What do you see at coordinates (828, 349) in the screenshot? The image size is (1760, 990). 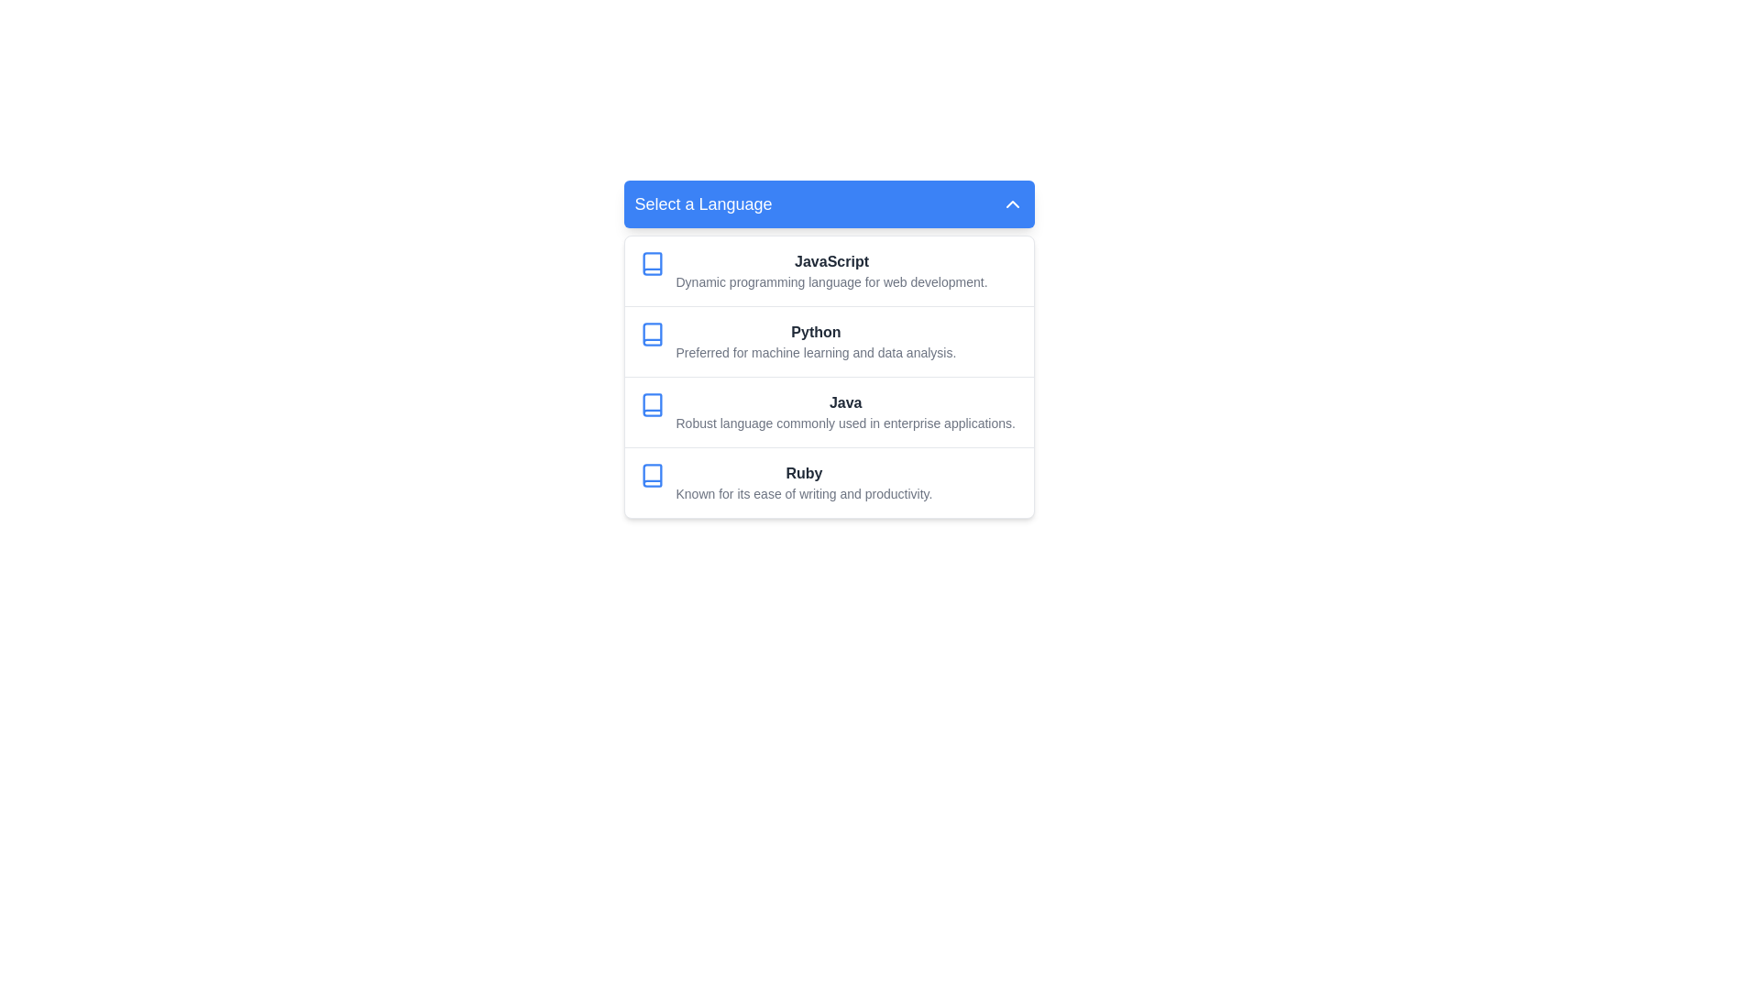 I see `the blue icons in the 'Select a Language' dropdown menu to interact with the options available: 'JavaScript', 'Python', 'Java', and 'Ruby'` at bounding box center [828, 349].